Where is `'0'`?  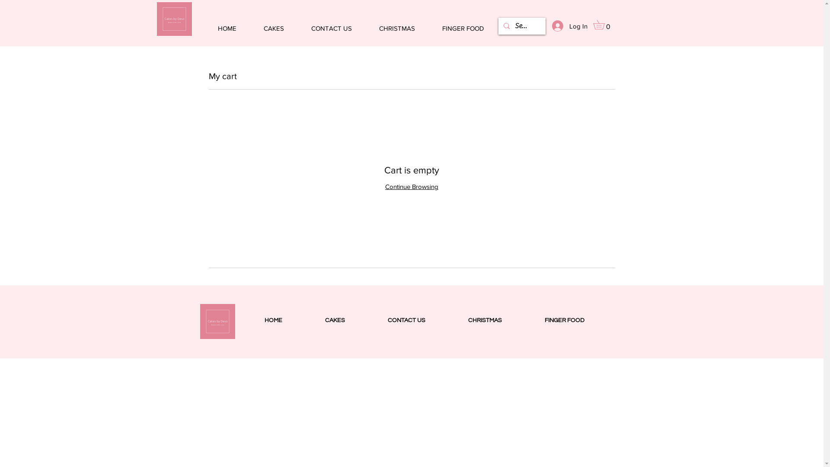 '0' is located at coordinates (593, 24).